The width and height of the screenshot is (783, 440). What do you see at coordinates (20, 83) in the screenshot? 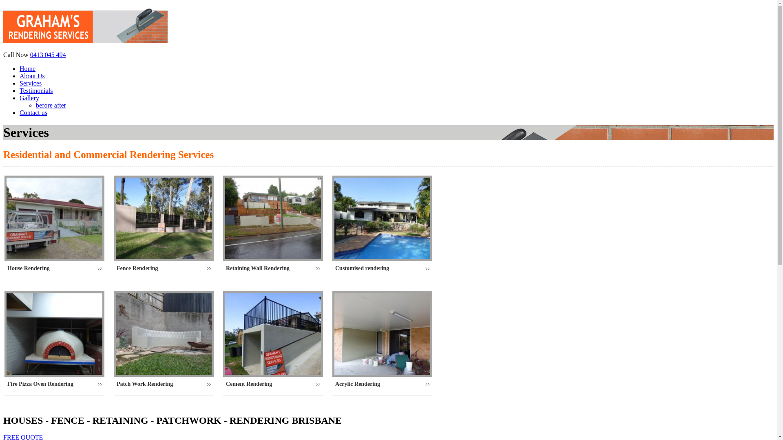
I see `'Services'` at bounding box center [20, 83].